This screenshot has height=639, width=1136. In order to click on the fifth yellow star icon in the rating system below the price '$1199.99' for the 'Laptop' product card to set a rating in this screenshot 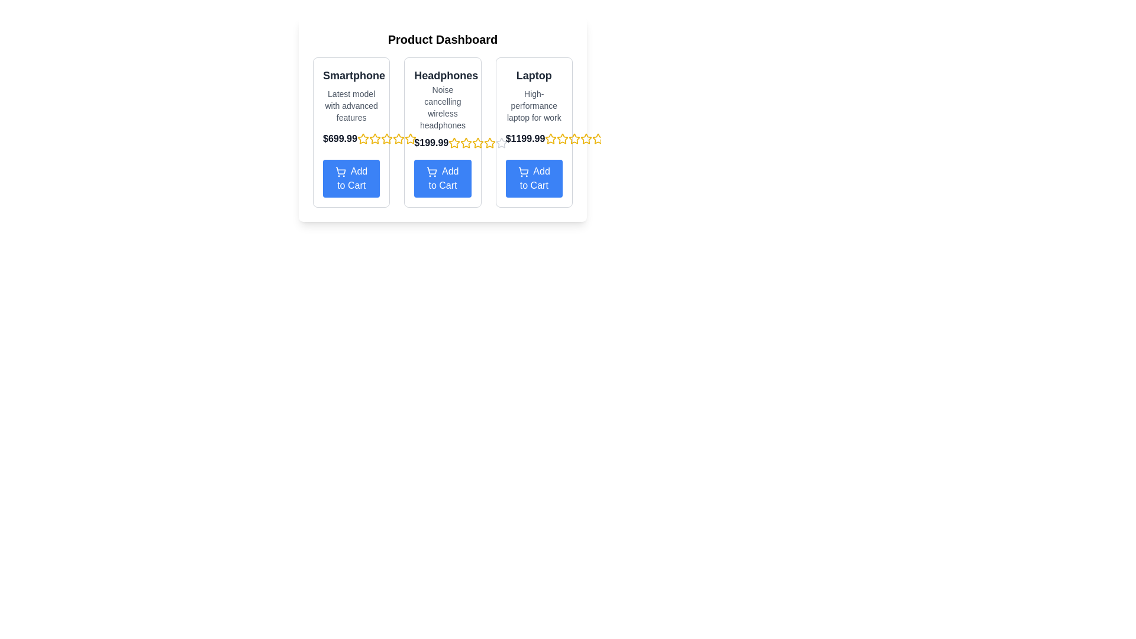, I will do `click(575, 138)`.